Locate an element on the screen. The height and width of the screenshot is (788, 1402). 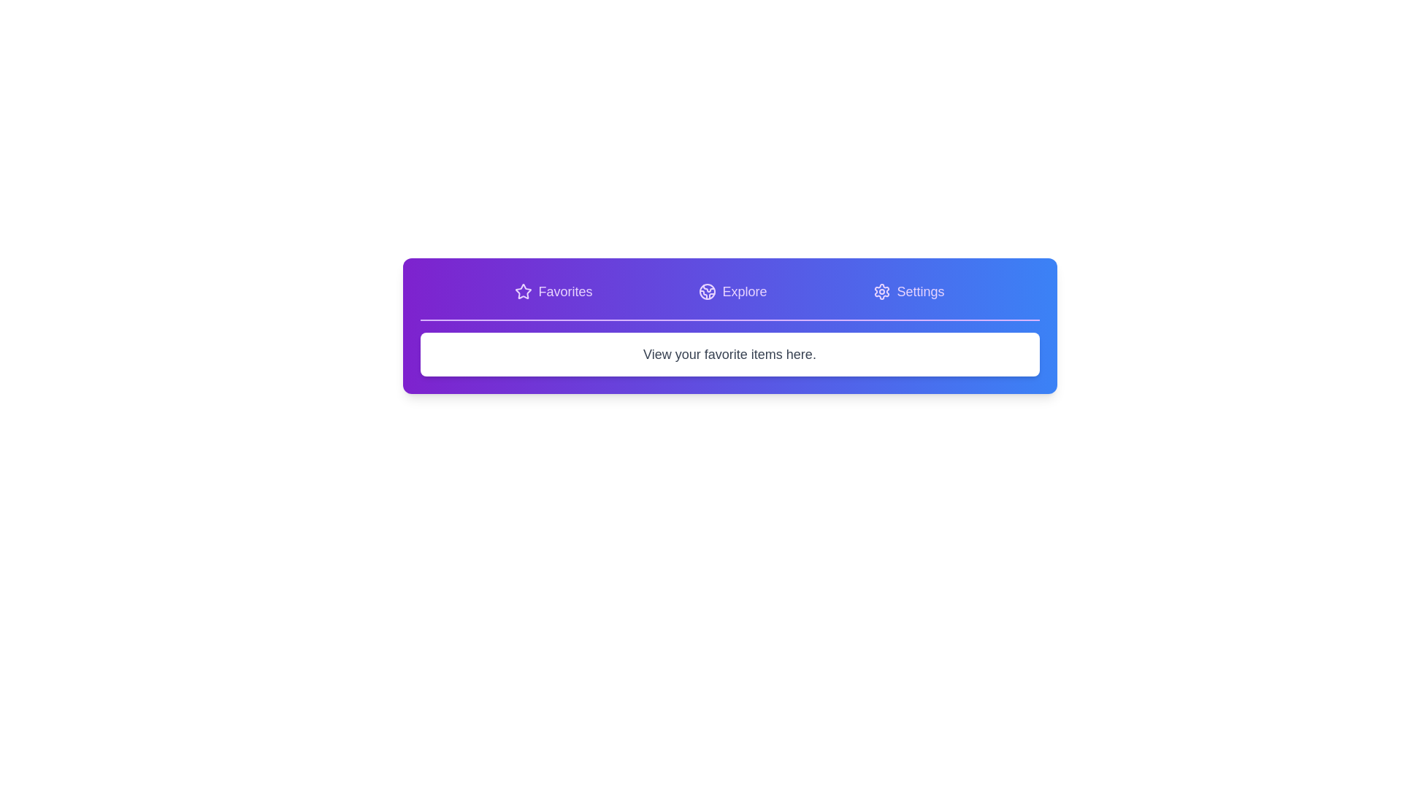
the tab button labeled Explore is located at coordinates (732, 292).